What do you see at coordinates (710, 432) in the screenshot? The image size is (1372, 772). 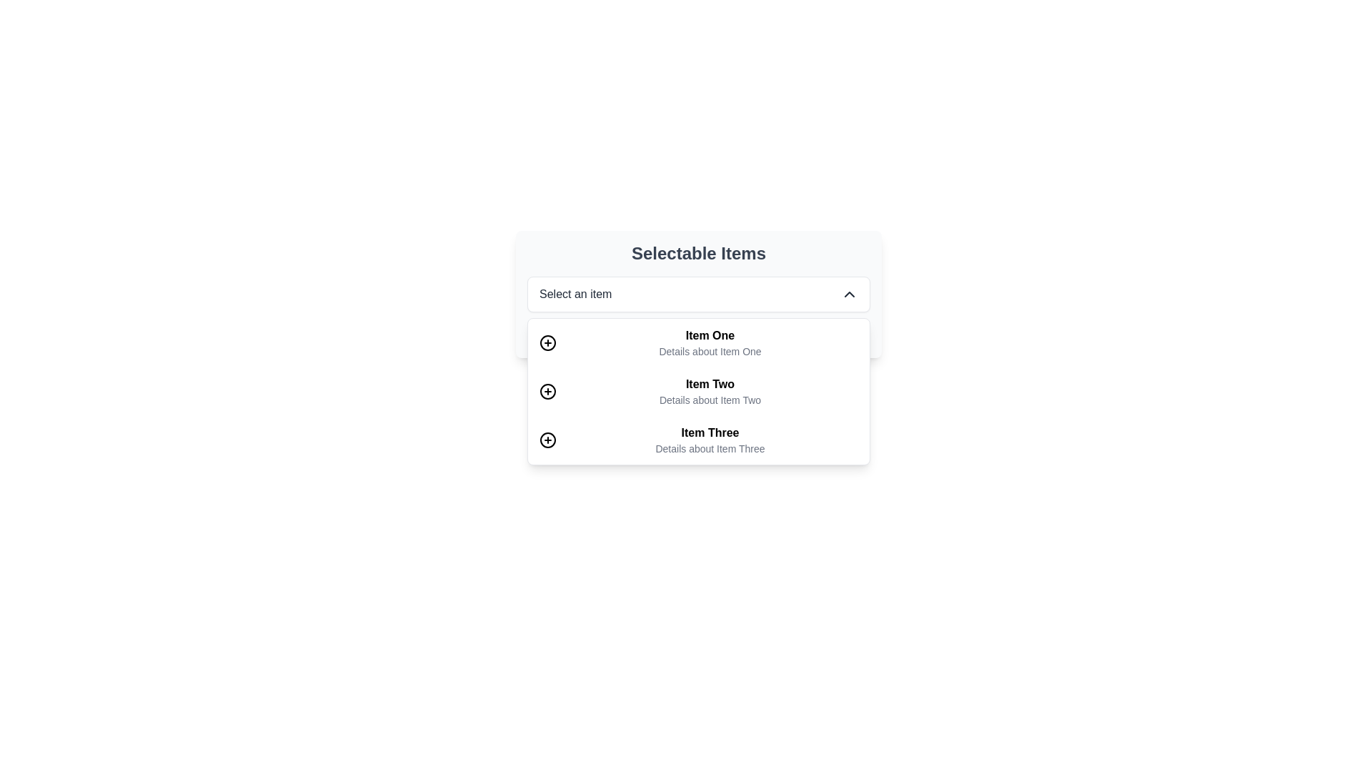 I see `the static text label 'Item Three' which is the title of the third item in the dropdown list under 'Selectable Items'` at bounding box center [710, 432].